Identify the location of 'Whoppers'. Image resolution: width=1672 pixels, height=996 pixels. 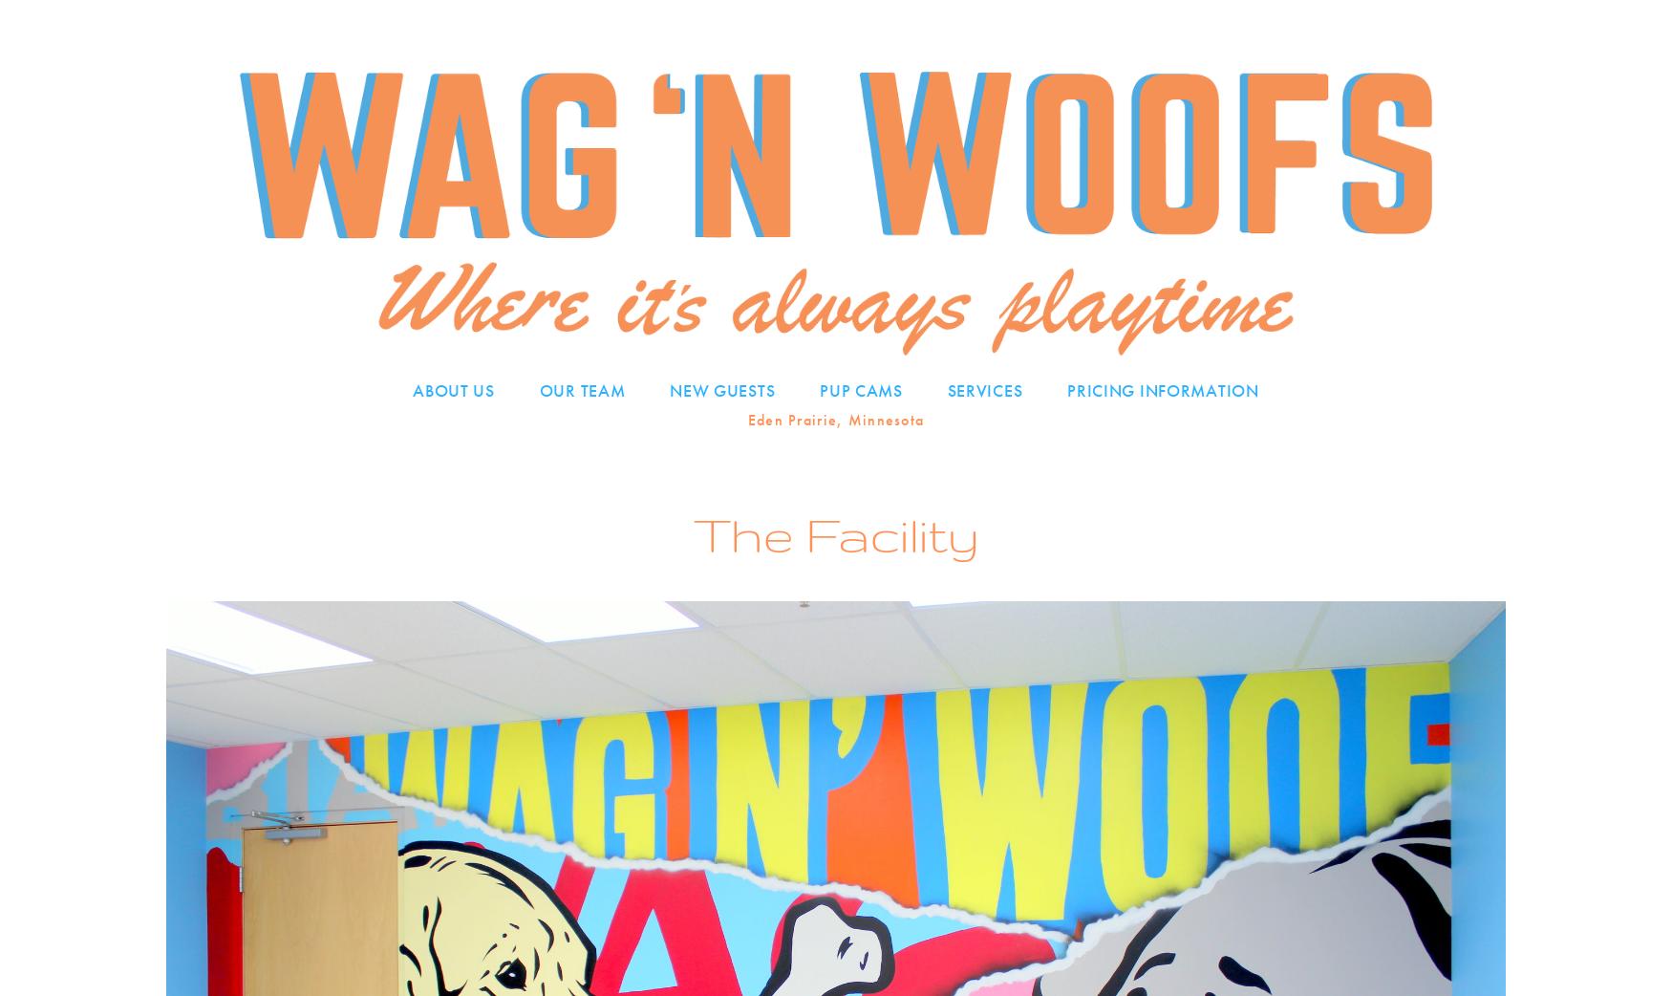
(863, 583).